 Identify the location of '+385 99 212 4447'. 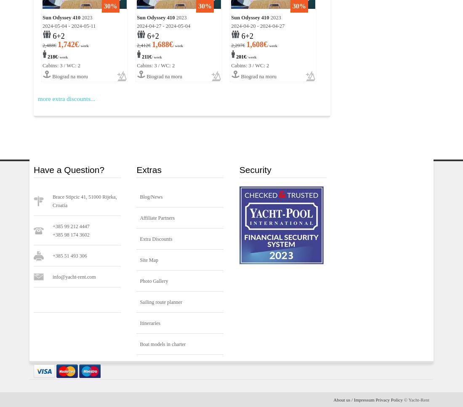
(70, 226).